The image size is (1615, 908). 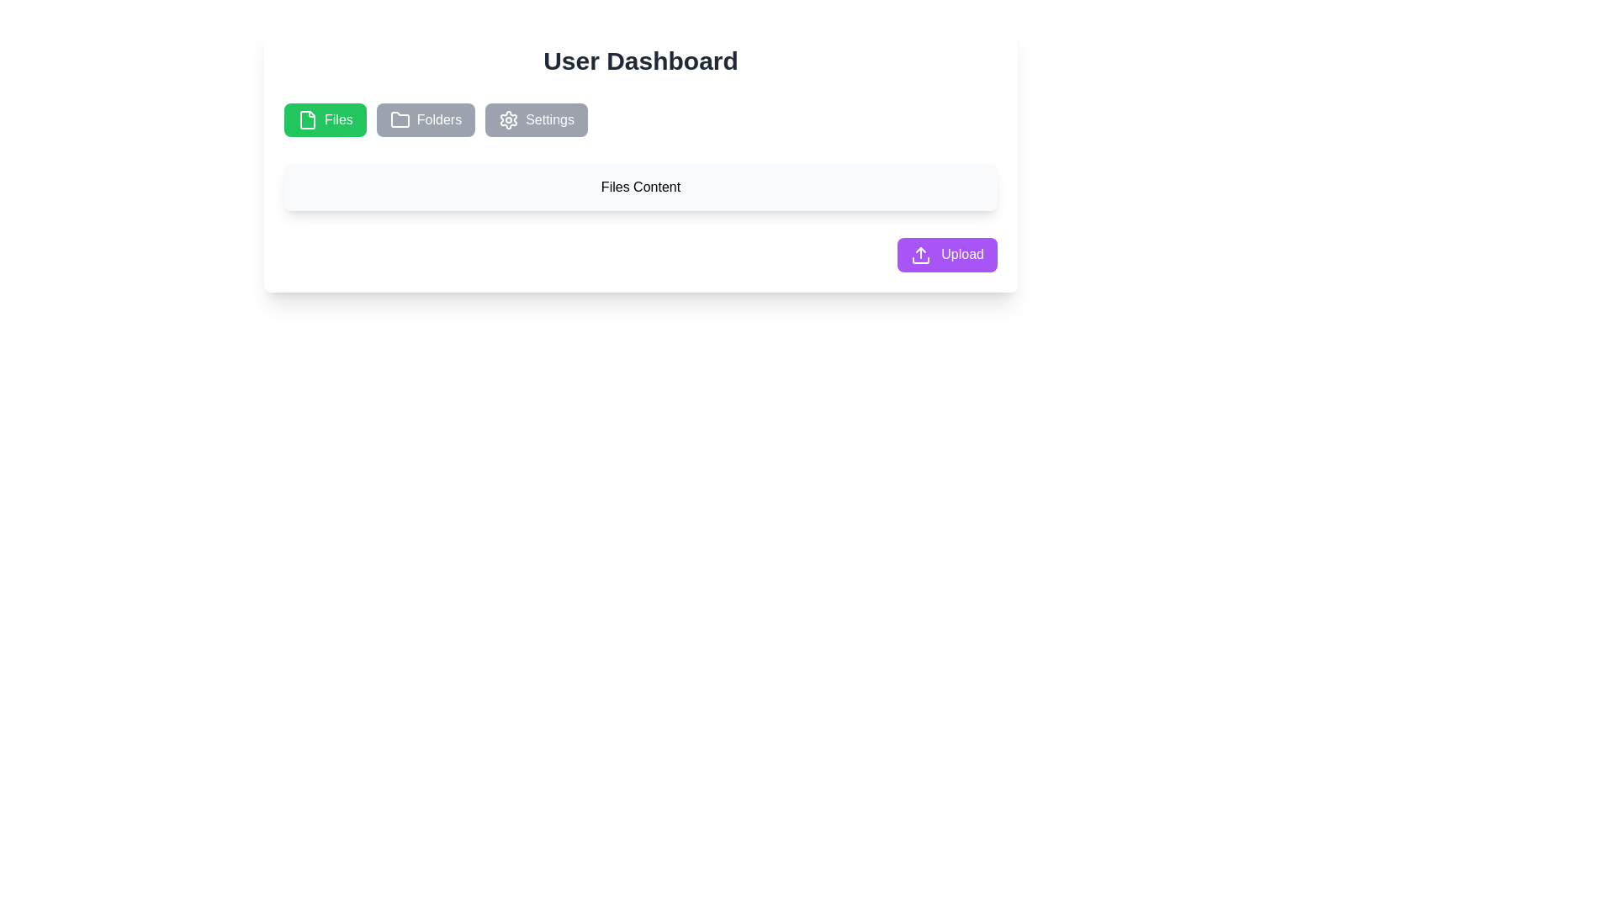 What do you see at coordinates (426, 119) in the screenshot?
I see `the middle button` at bounding box center [426, 119].